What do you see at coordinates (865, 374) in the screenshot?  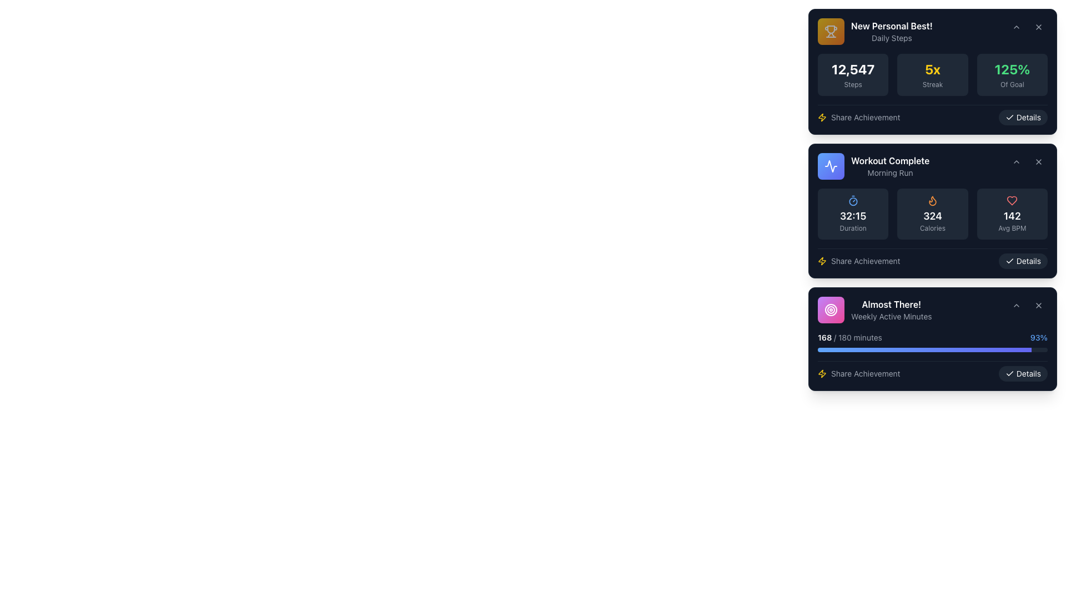 I see `the Text Label that is located in the bottom section of the 'Almost There!' card, positioned beside the lightning bolt icon, indicating a prompt related to sharing an achievement` at bounding box center [865, 374].